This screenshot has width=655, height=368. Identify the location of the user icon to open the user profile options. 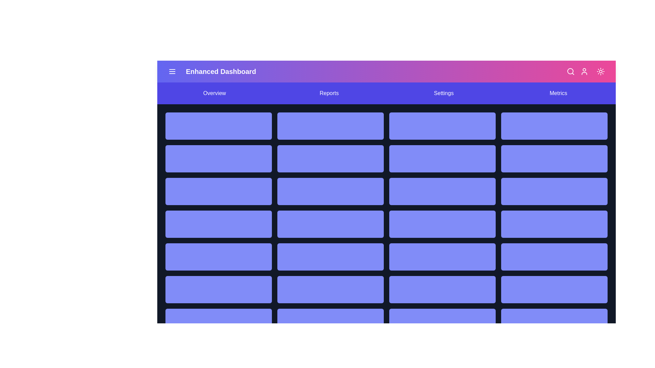
(584, 71).